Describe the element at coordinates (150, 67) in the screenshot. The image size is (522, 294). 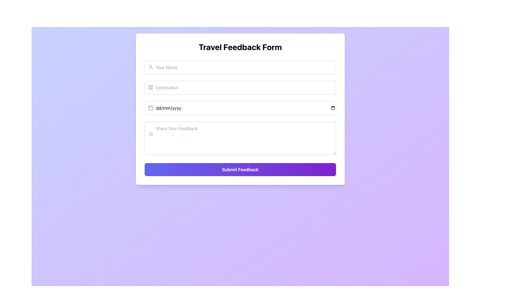
I see `the small gray user icon that represents a person, located to the left of the 'Your Name' input field, aligned with its vertical center` at that location.